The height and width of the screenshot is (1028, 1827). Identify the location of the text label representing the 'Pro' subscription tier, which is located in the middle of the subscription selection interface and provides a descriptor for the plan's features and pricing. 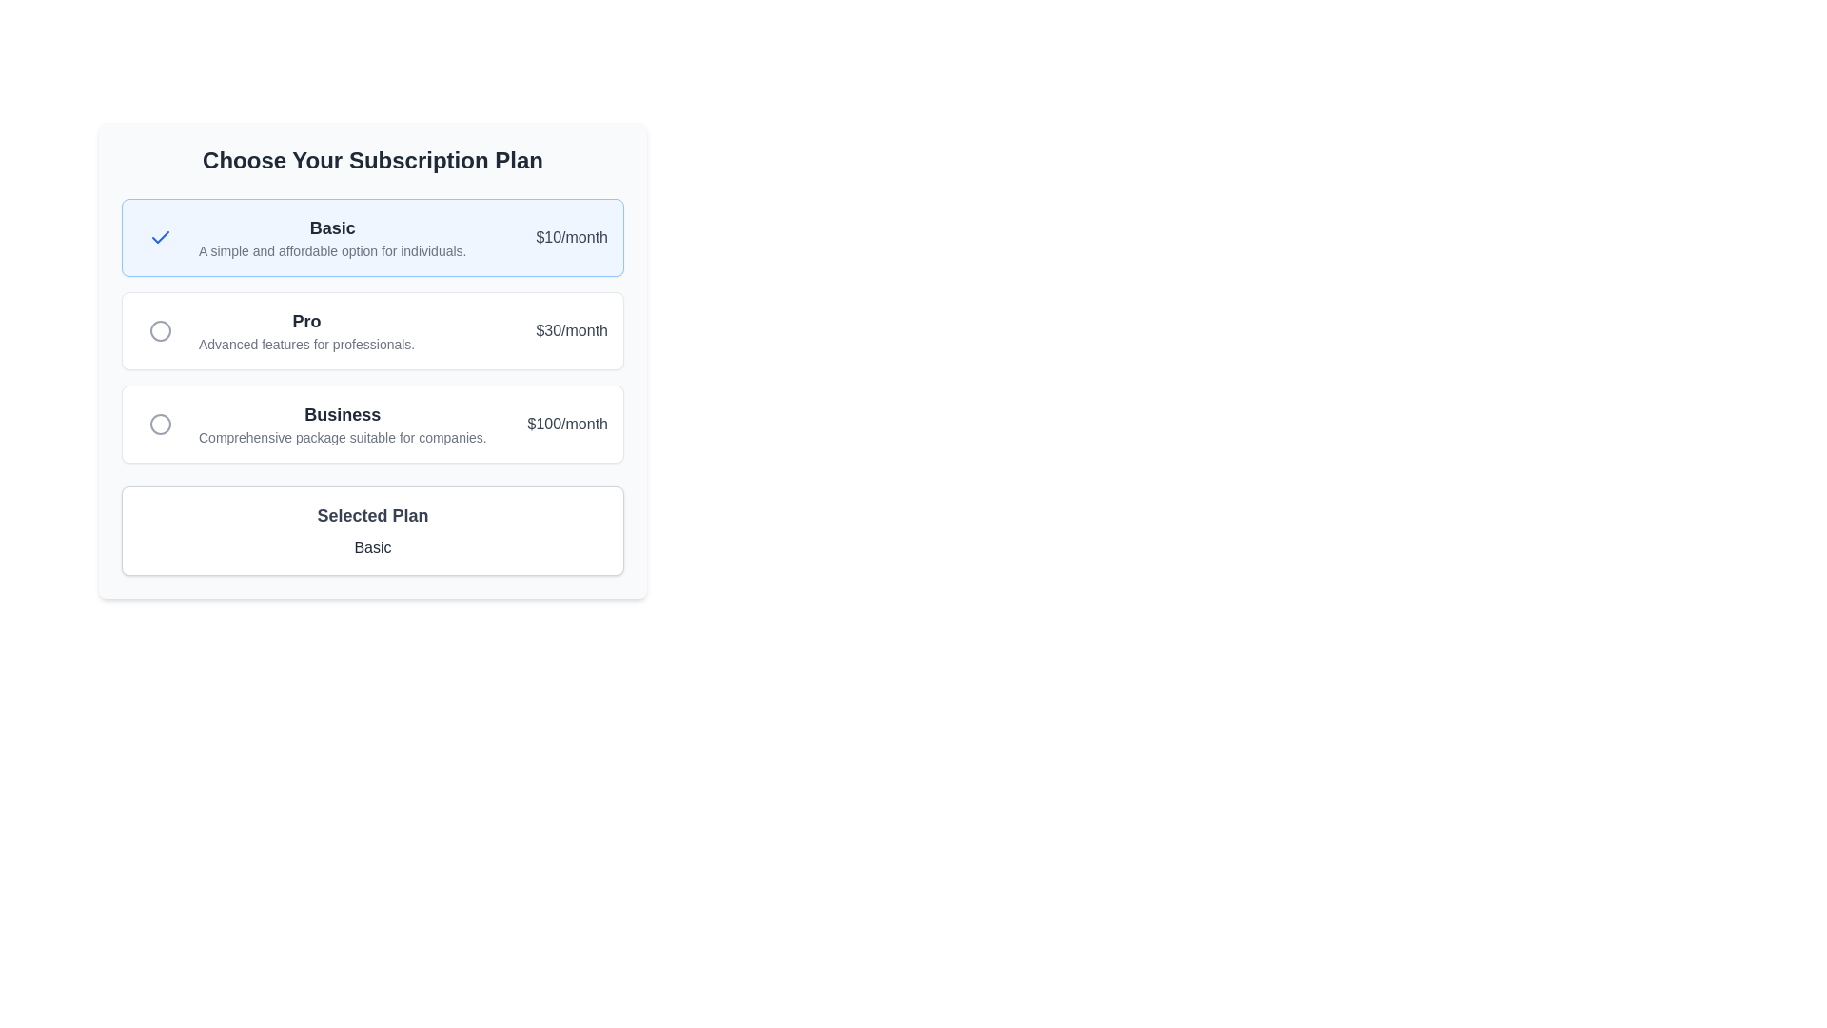
(306, 321).